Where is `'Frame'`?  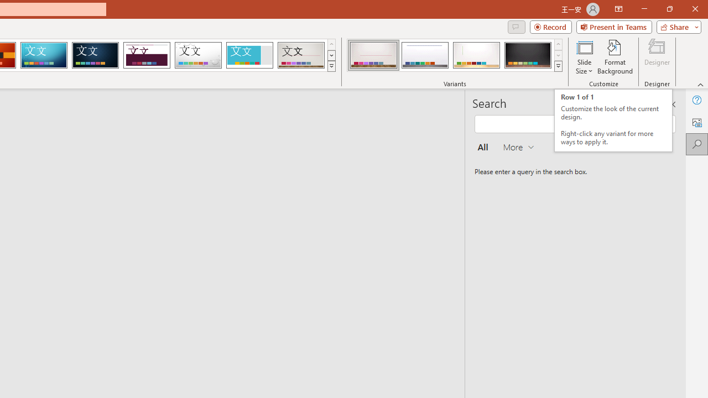
'Frame' is located at coordinates (249, 55).